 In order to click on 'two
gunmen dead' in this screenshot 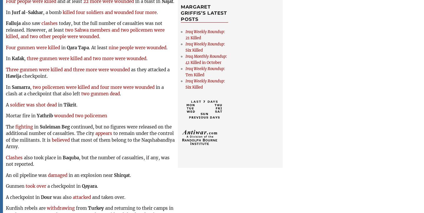, I will do `click(100, 93)`.